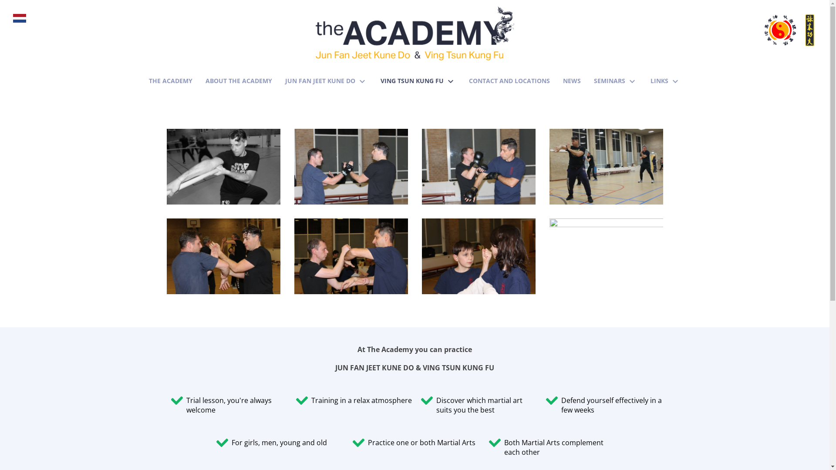  Describe the element at coordinates (563, 79) in the screenshot. I see `'NEWS'` at that location.